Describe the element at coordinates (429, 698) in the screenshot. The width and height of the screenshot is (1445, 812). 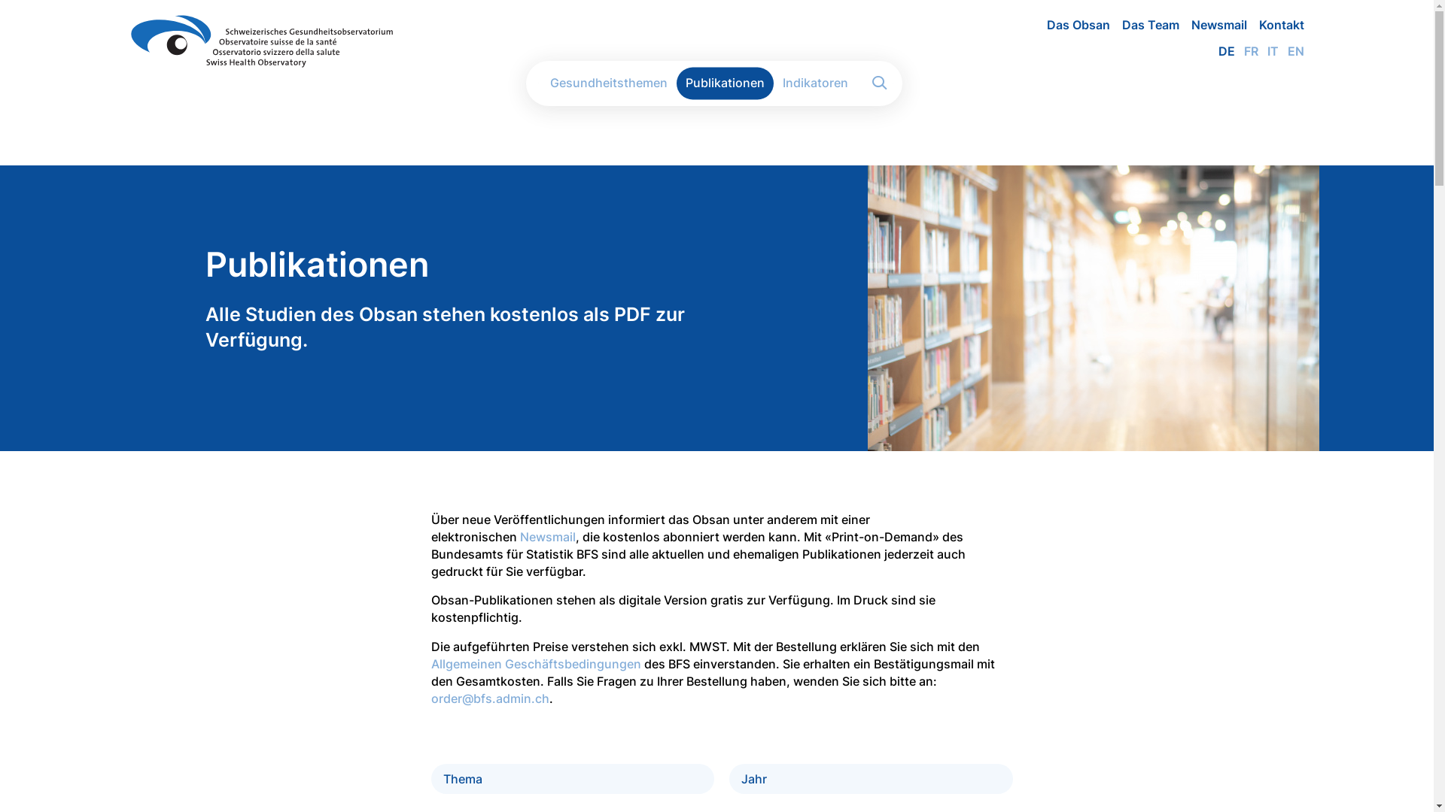
I see `'order@bfs.admin.ch'` at that location.